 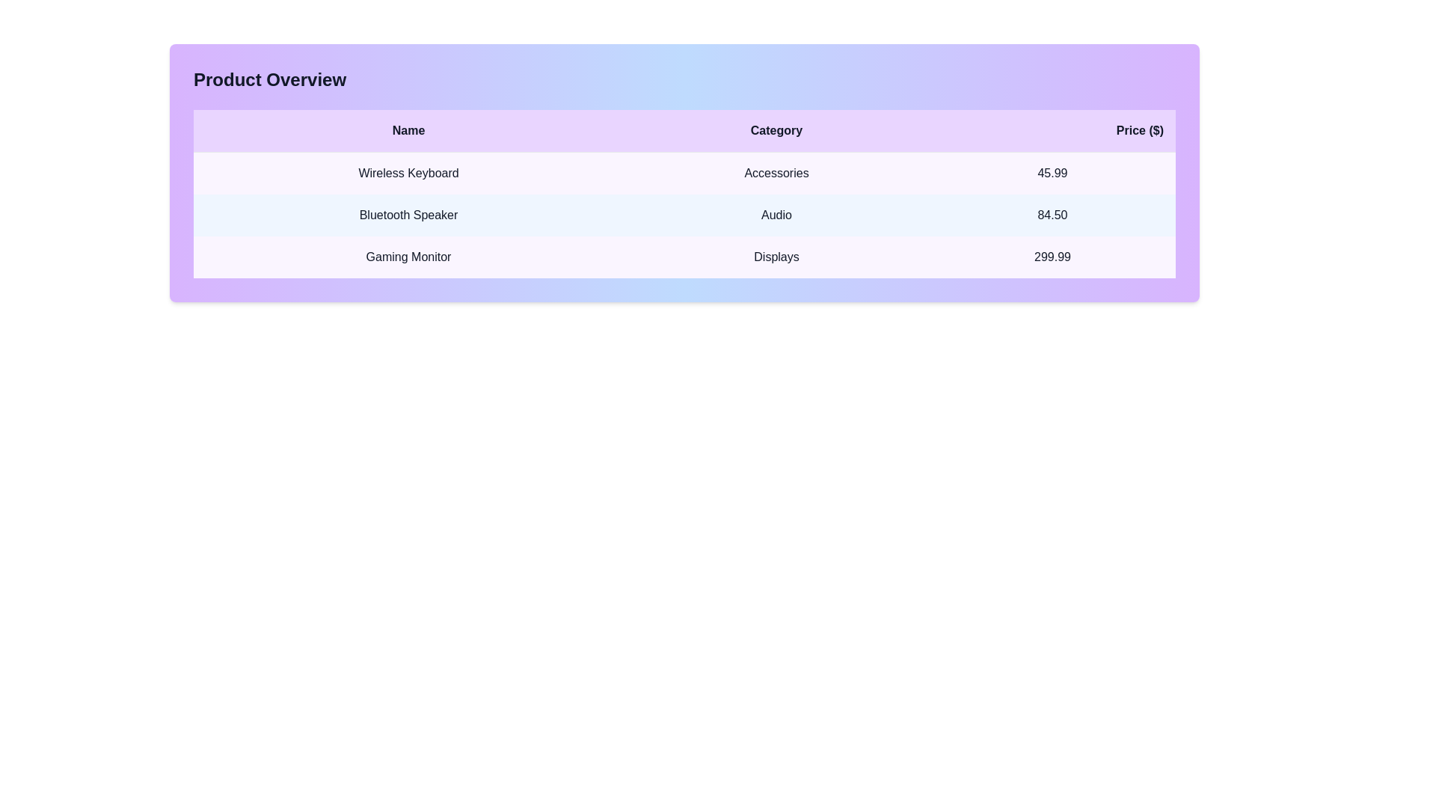 What do you see at coordinates (1052, 172) in the screenshot?
I see `monetary value '45.99' displayed in bold text in the last column of the first data row of the table under the 'Price ($)' header` at bounding box center [1052, 172].